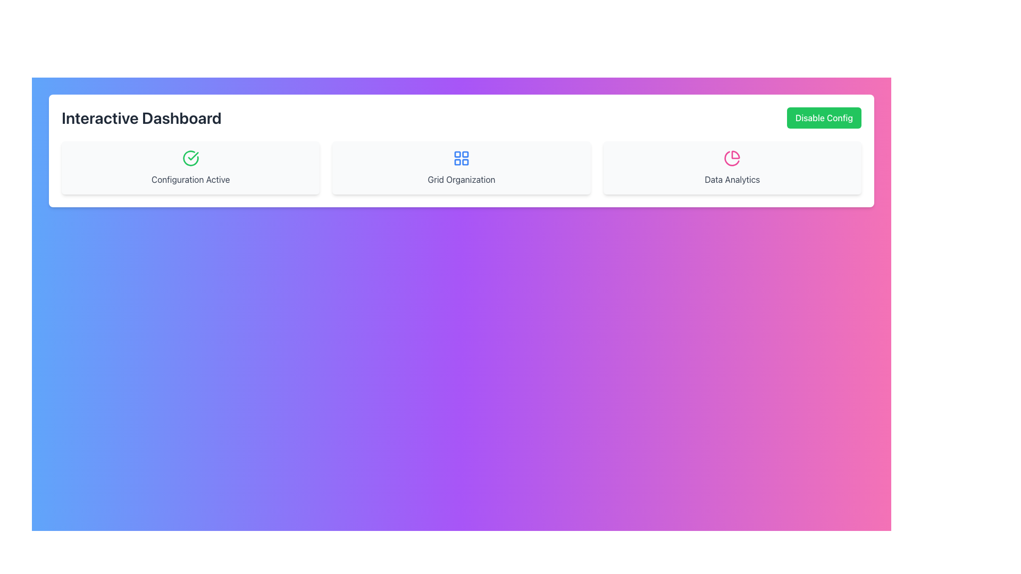 The height and width of the screenshot is (574, 1021). What do you see at coordinates (190, 158) in the screenshot?
I see `the green circular icon with a checkmark inside it, which indicates an active state, positioned above the text 'Configuration Active' in the first card of the row` at bounding box center [190, 158].